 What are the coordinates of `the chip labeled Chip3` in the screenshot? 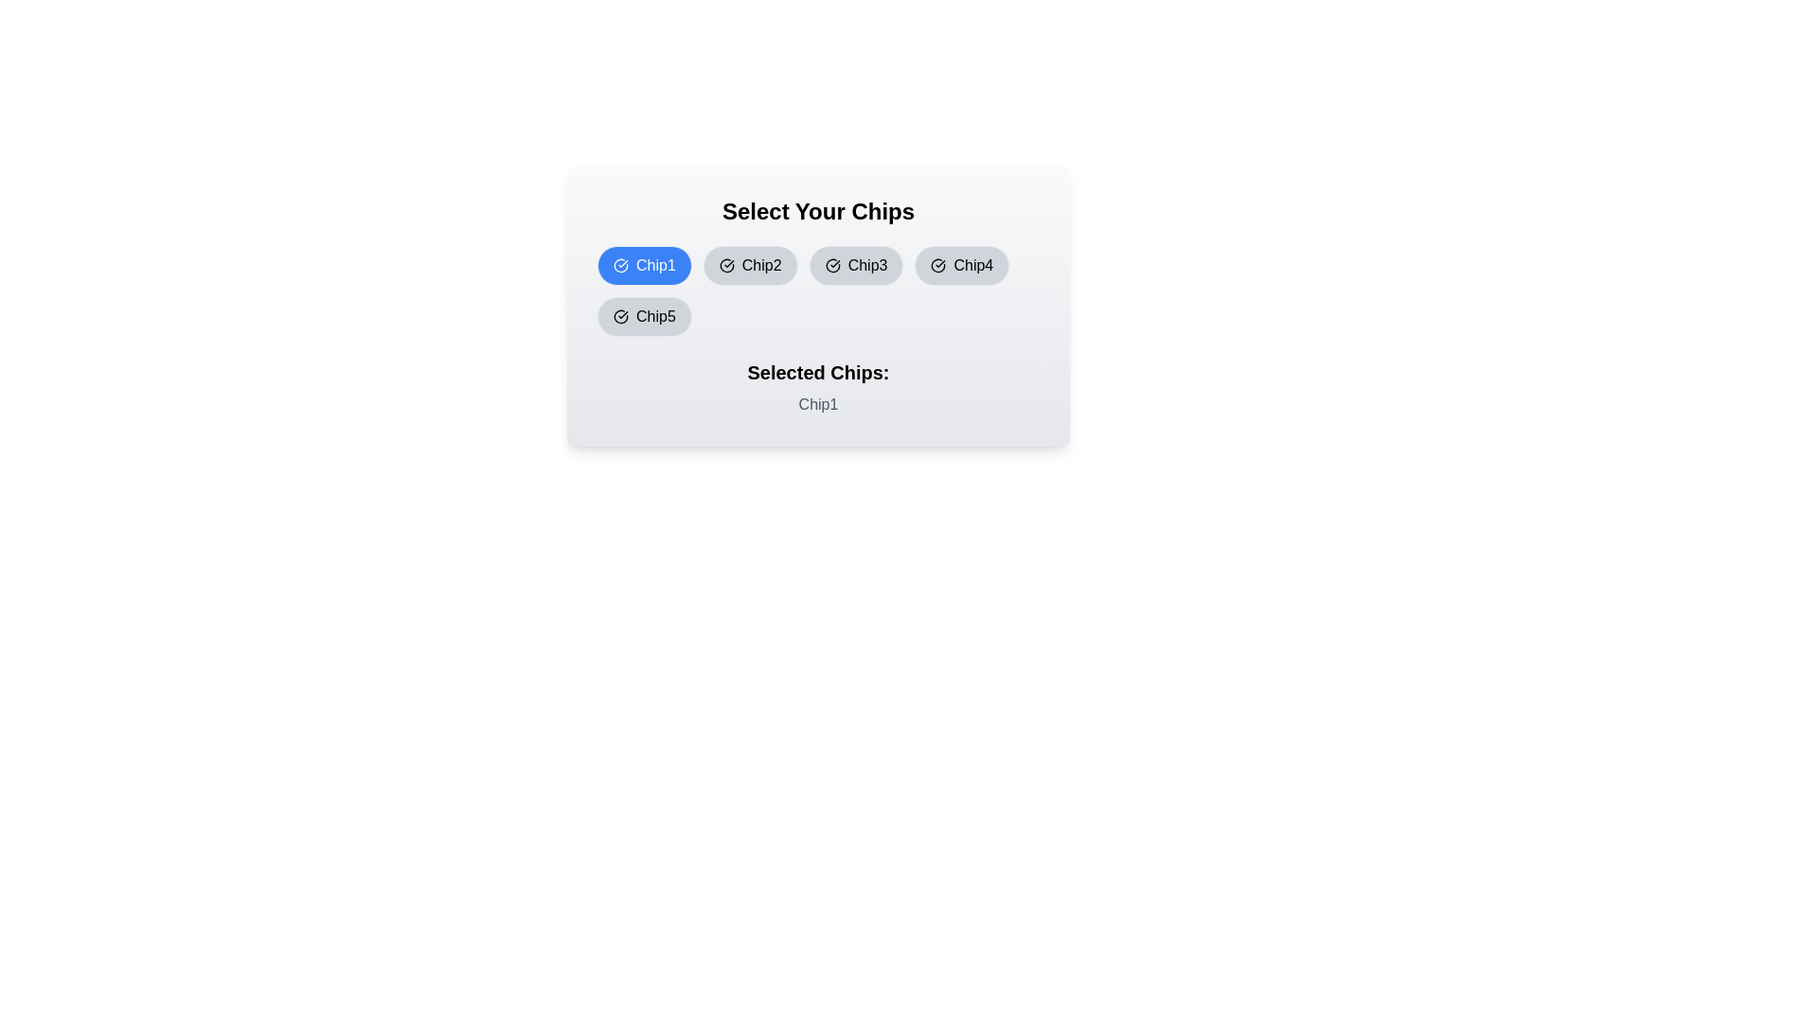 It's located at (855, 266).